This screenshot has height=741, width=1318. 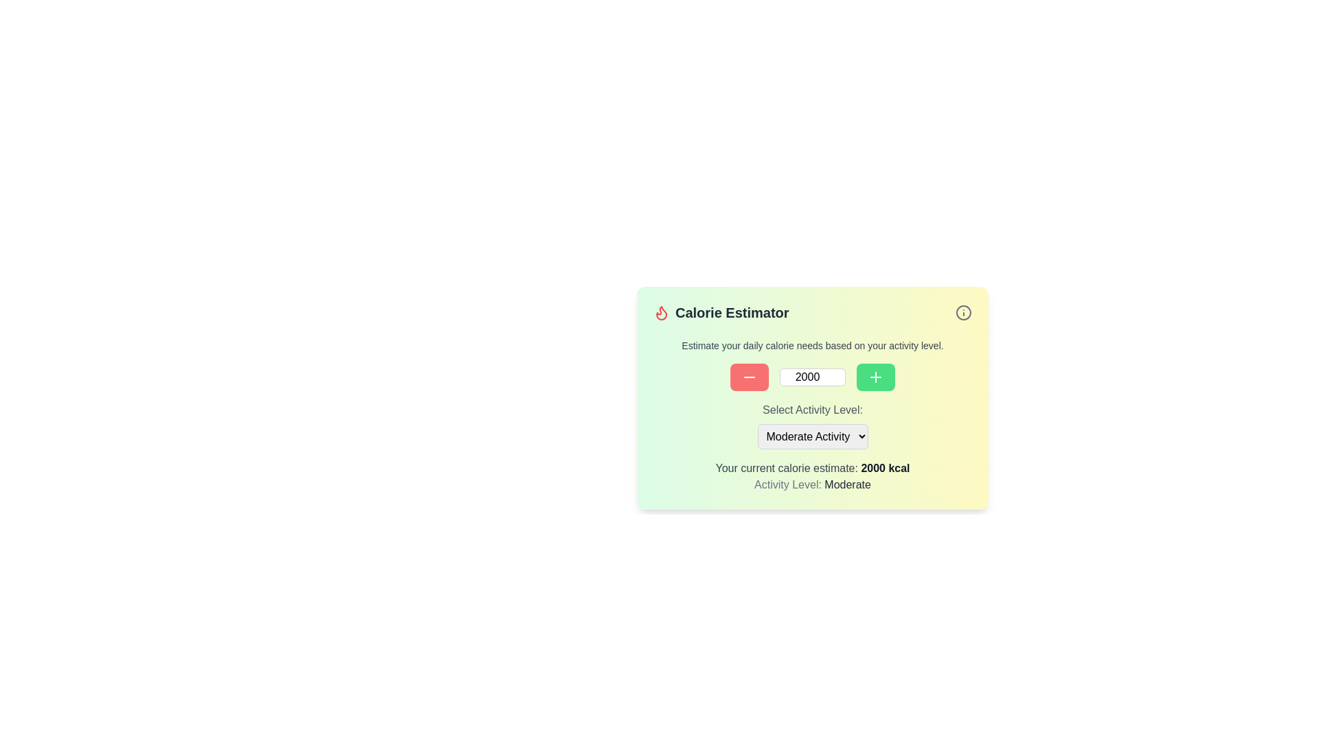 What do you see at coordinates (813, 345) in the screenshot?
I see `the informational text that guides the user about the calorie estimation feature, located between the 'Calorie Estimator' header and the input control section` at bounding box center [813, 345].